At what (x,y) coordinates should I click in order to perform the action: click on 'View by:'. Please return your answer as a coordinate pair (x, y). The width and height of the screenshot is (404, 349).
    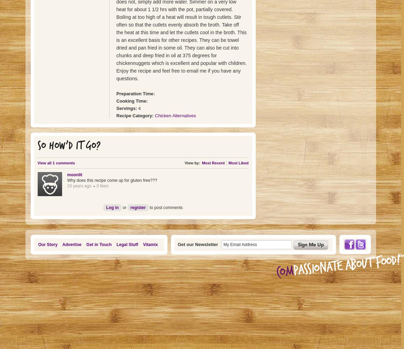
    Looking at the image, I should click on (192, 163).